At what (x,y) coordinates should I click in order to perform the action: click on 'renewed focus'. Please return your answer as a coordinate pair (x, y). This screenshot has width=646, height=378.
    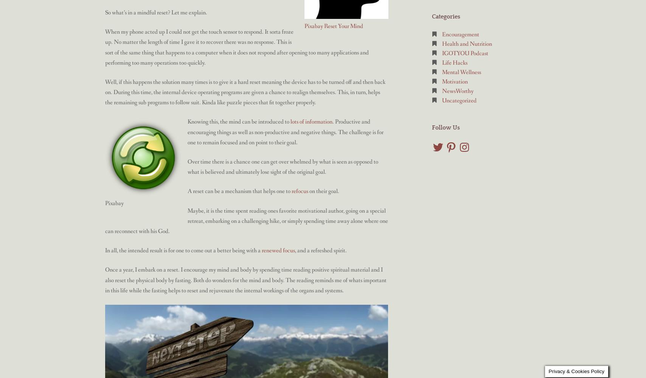
    Looking at the image, I should click on (278, 250).